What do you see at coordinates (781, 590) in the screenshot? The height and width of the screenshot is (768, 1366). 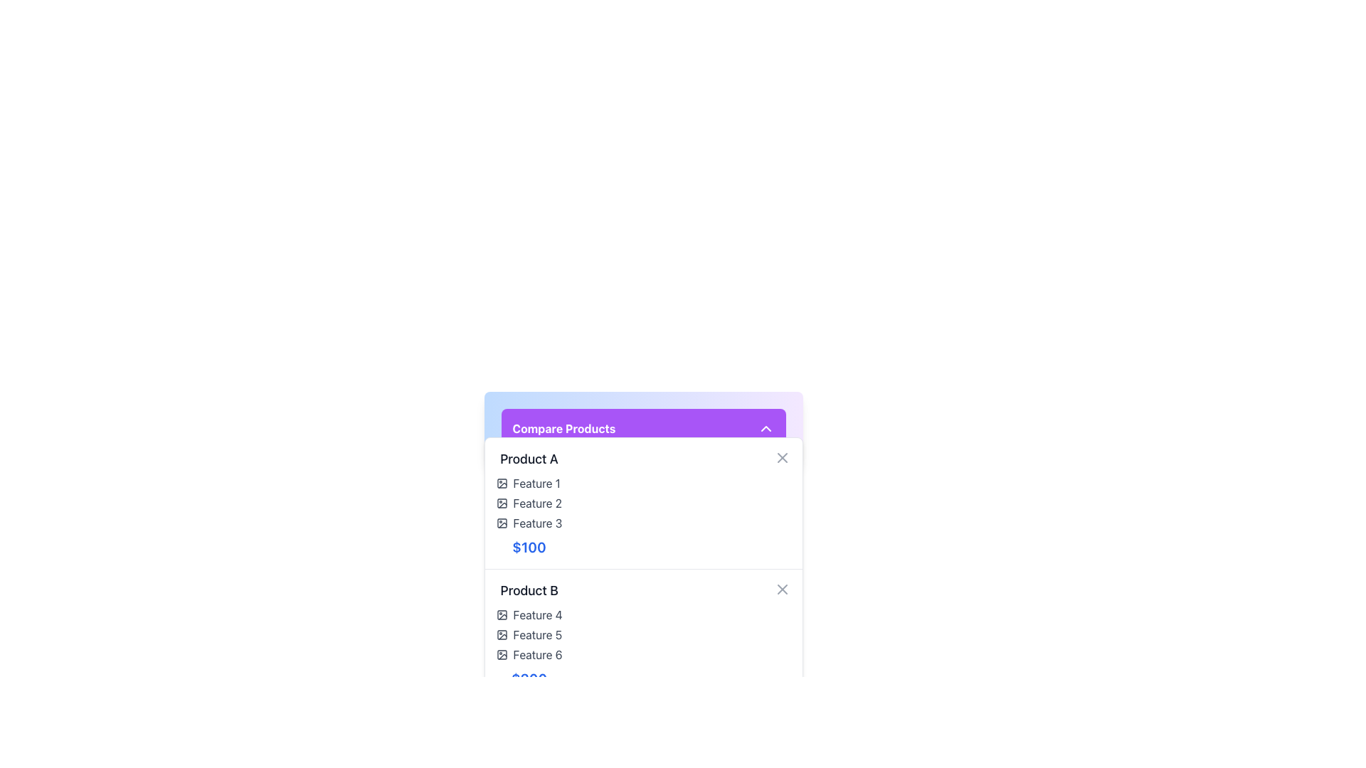 I see `the Close/Delete Icon located near the top-right corner of the second section` at bounding box center [781, 590].